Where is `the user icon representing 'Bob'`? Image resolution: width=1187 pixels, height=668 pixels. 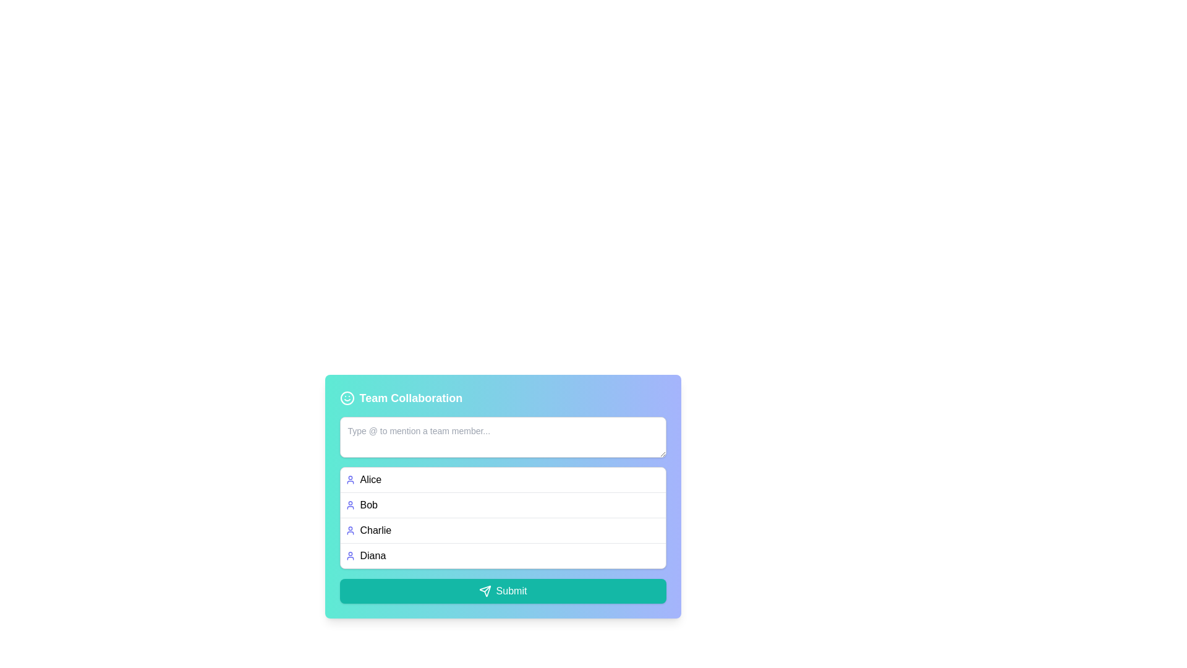
the user icon representing 'Bob' is located at coordinates (349, 505).